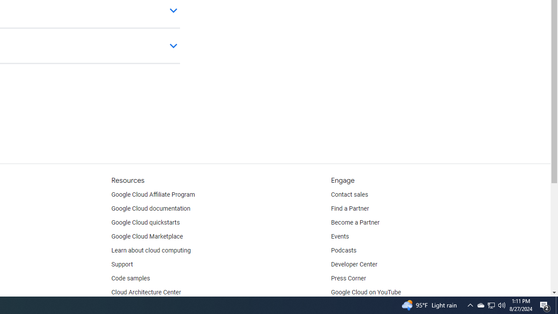 The height and width of the screenshot is (314, 558). I want to click on 'Google Cloud quickstarts', so click(146, 222).